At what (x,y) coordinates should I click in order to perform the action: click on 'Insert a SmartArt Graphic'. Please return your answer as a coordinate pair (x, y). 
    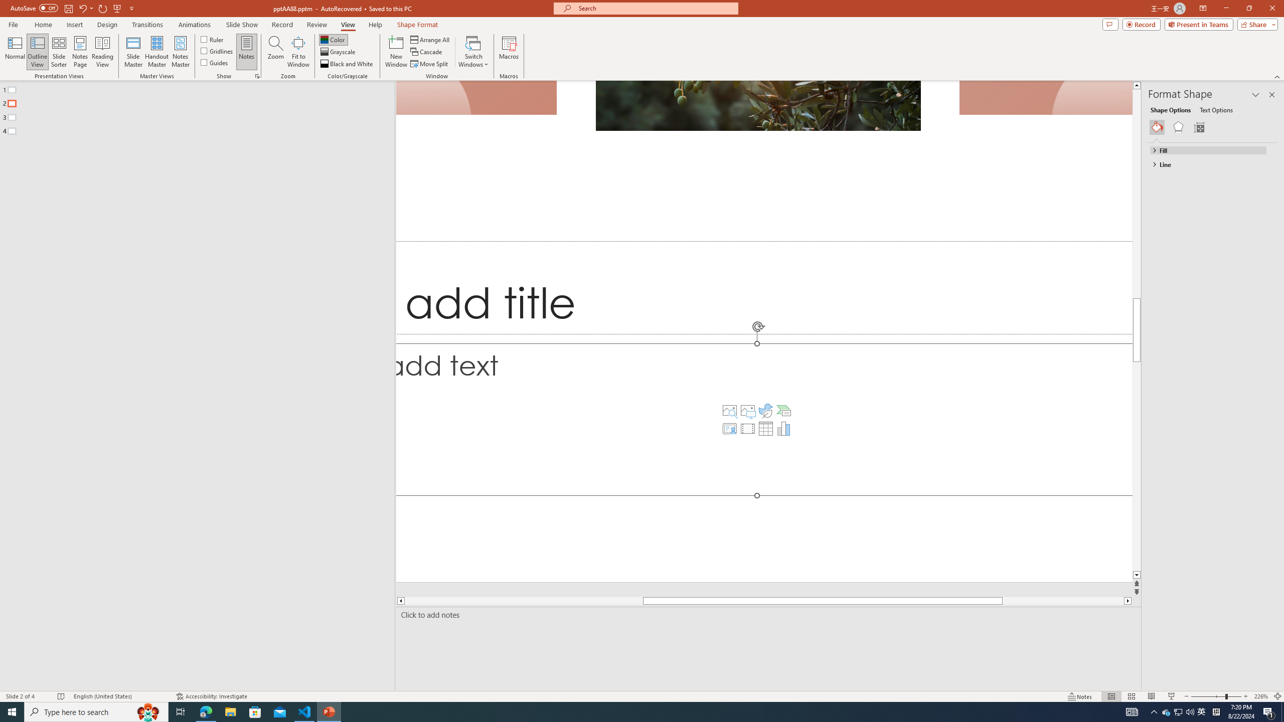
    Looking at the image, I should click on (783, 411).